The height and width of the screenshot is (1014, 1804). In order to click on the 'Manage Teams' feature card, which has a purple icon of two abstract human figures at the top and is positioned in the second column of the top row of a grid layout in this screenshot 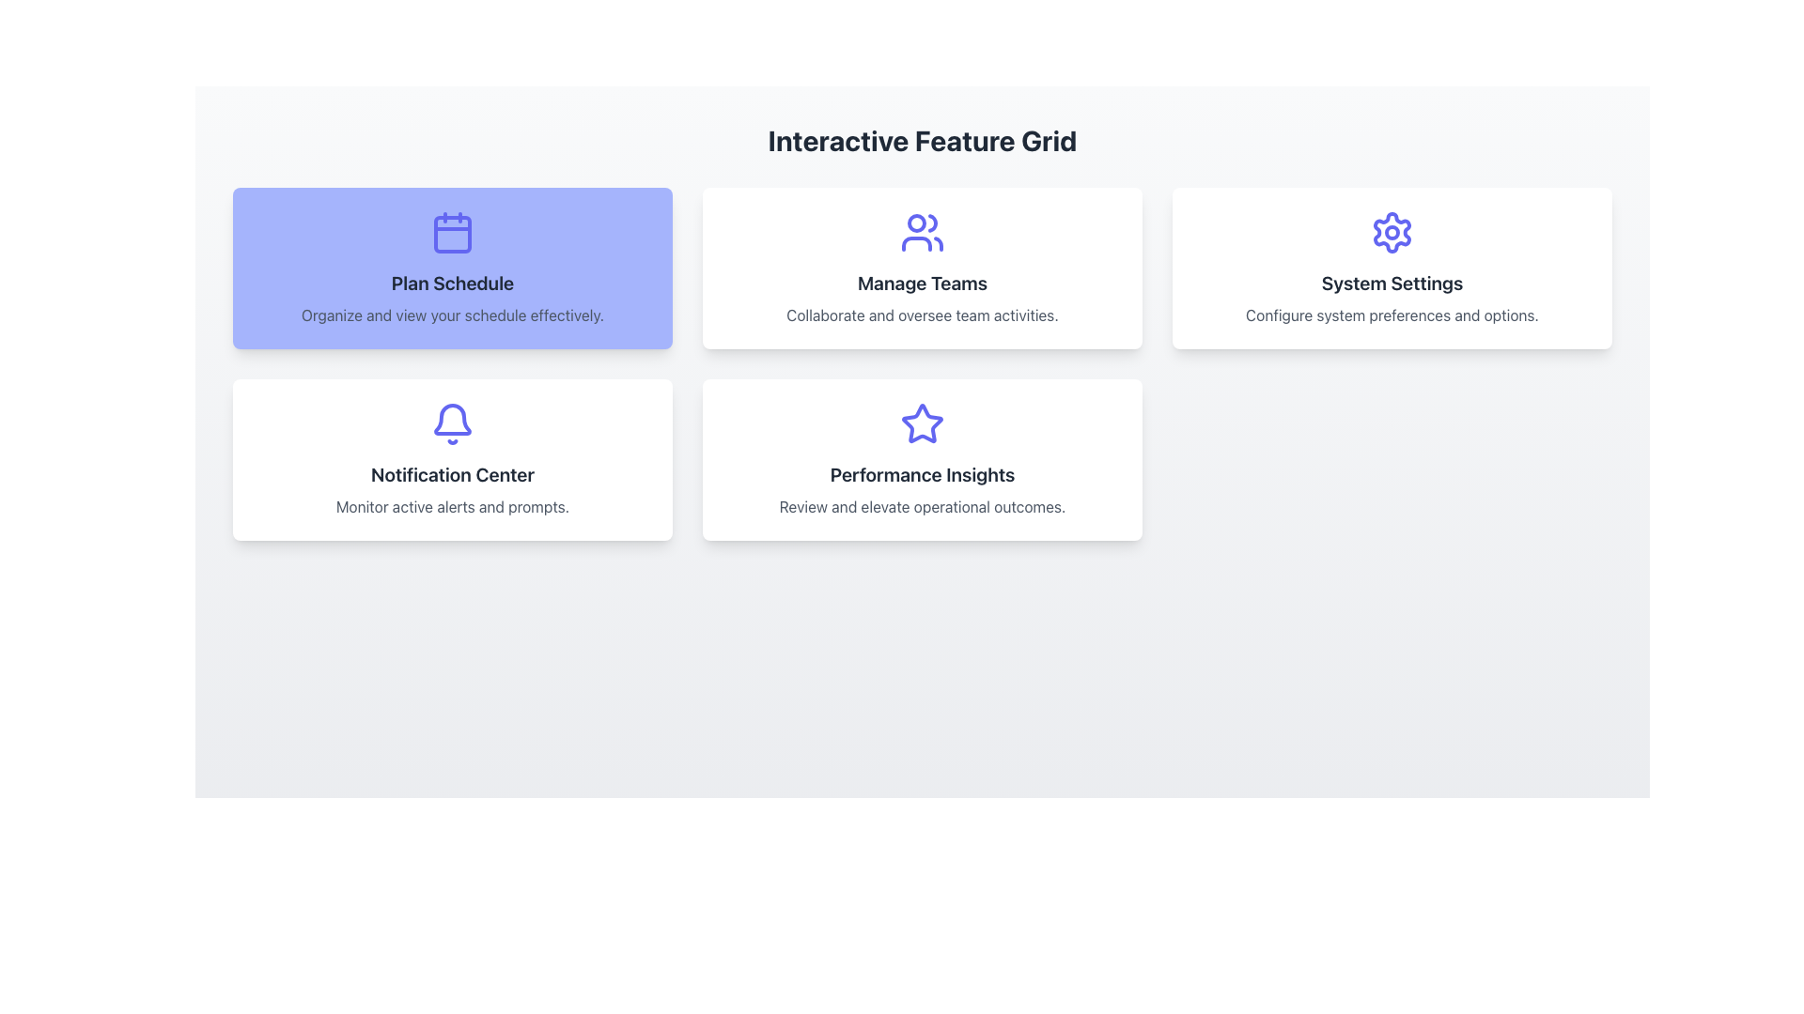, I will do `click(923, 268)`.